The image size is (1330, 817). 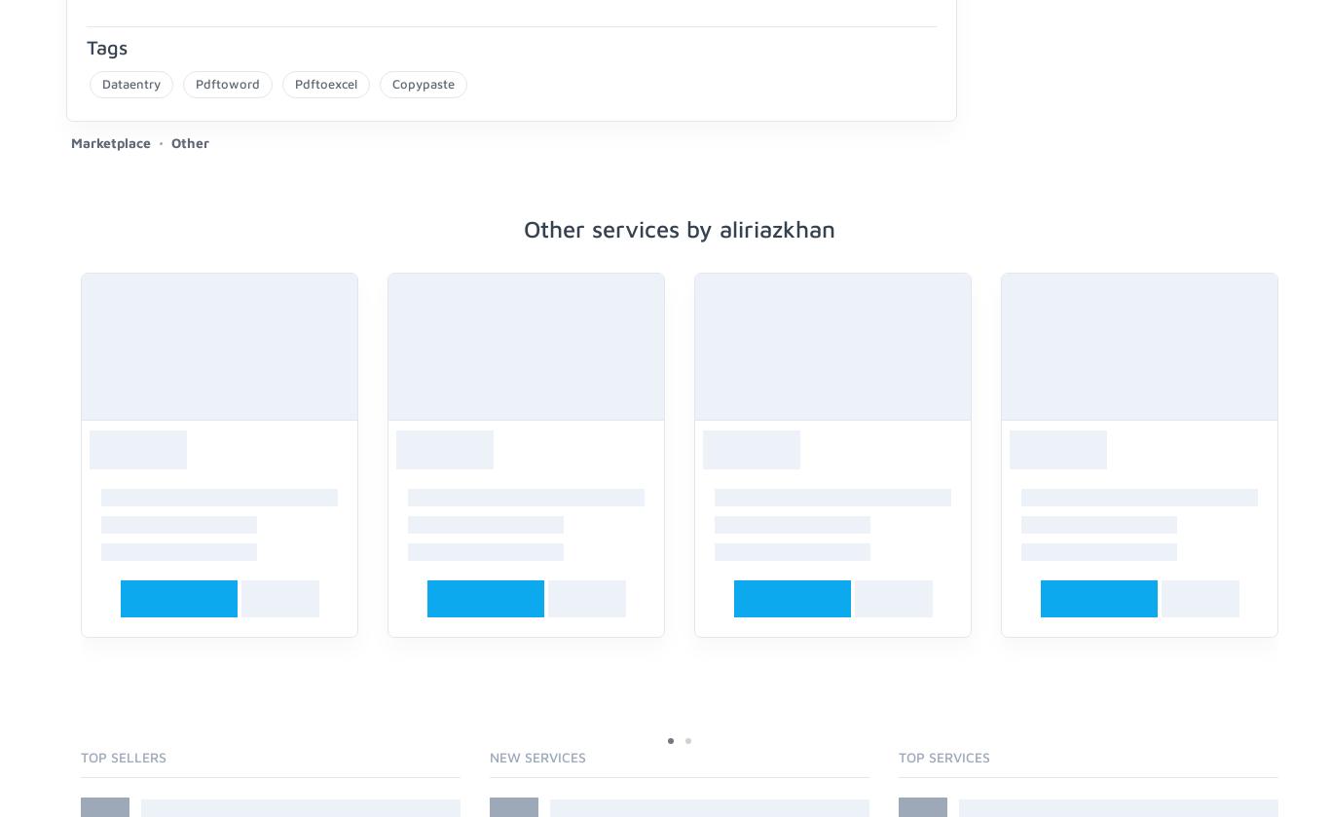 What do you see at coordinates (227, 82) in the screenshot?
I see `'Pdftoword'` at bounding box center [227, 82].